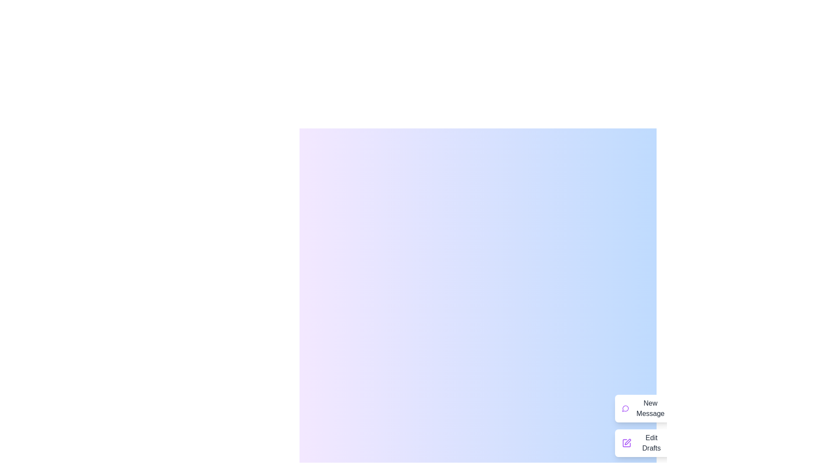  I want to click on the menu option New Message, so click(644, 409).